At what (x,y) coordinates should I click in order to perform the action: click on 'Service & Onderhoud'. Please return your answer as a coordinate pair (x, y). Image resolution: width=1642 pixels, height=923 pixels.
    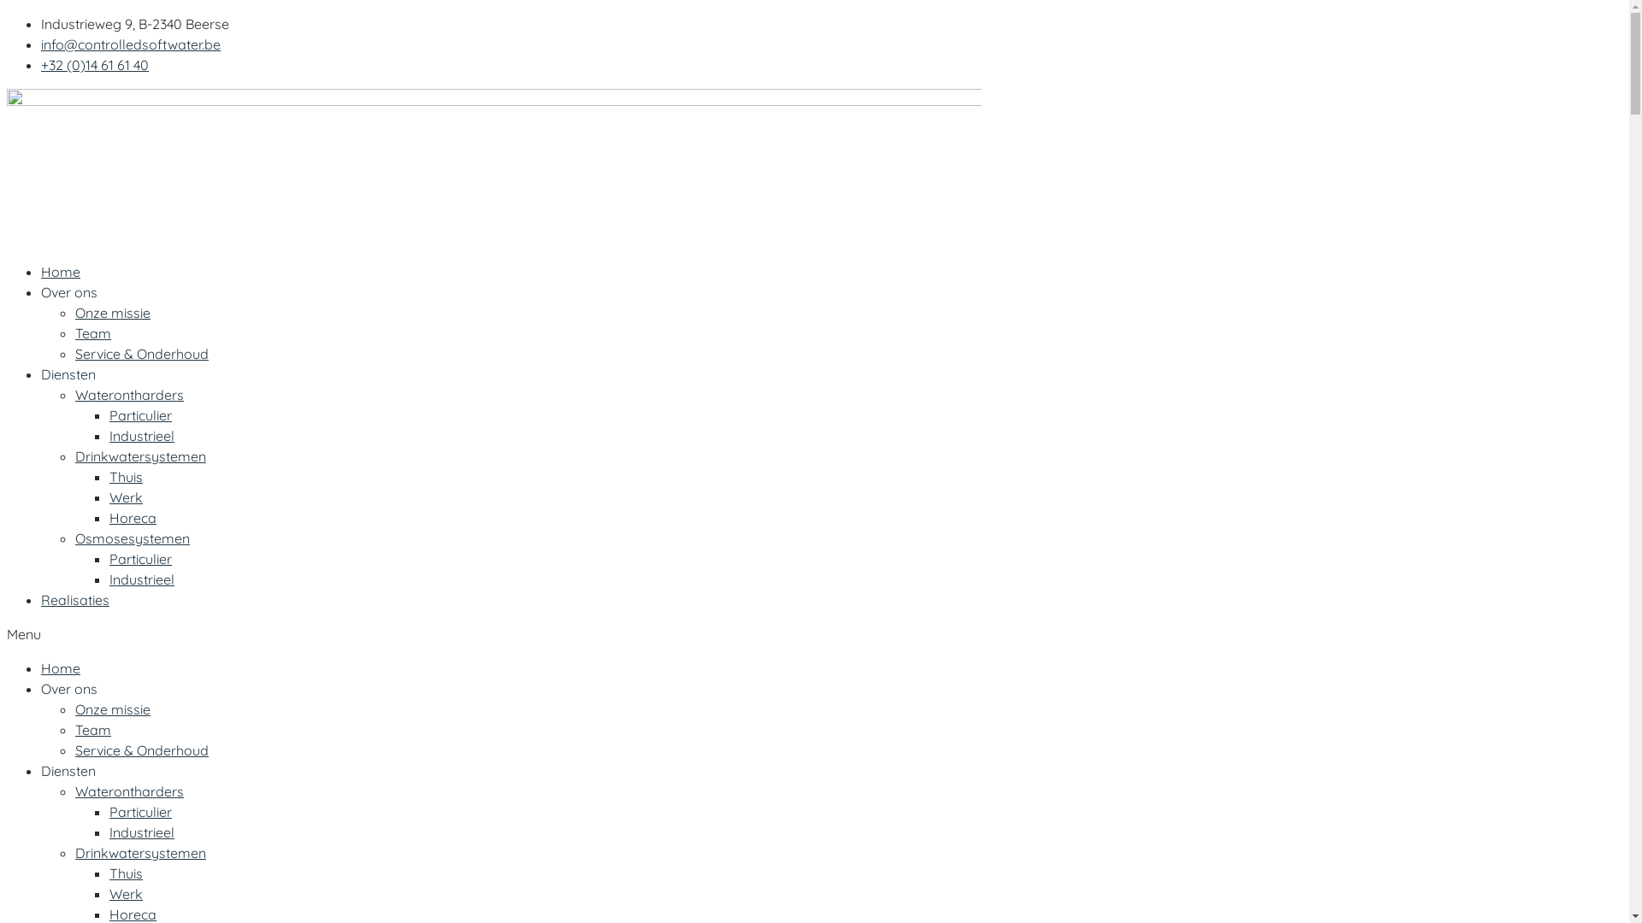
    Looking at the image, I should click on (74, 750).